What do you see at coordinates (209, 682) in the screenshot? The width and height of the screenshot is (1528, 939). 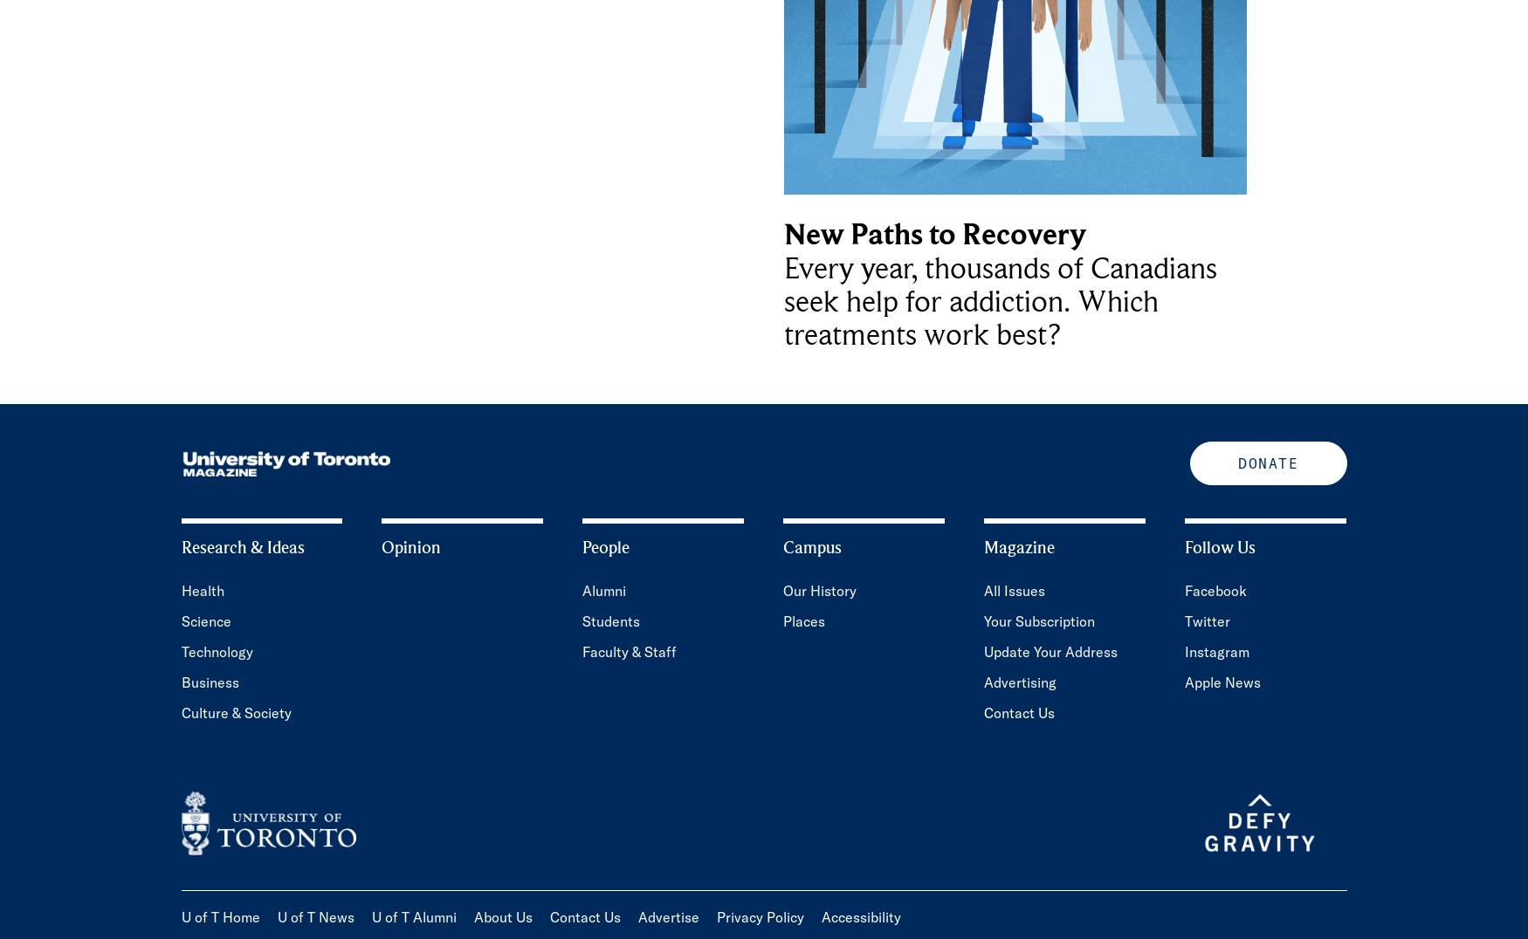 I see `'Business'` at bounding box center [209, 682].